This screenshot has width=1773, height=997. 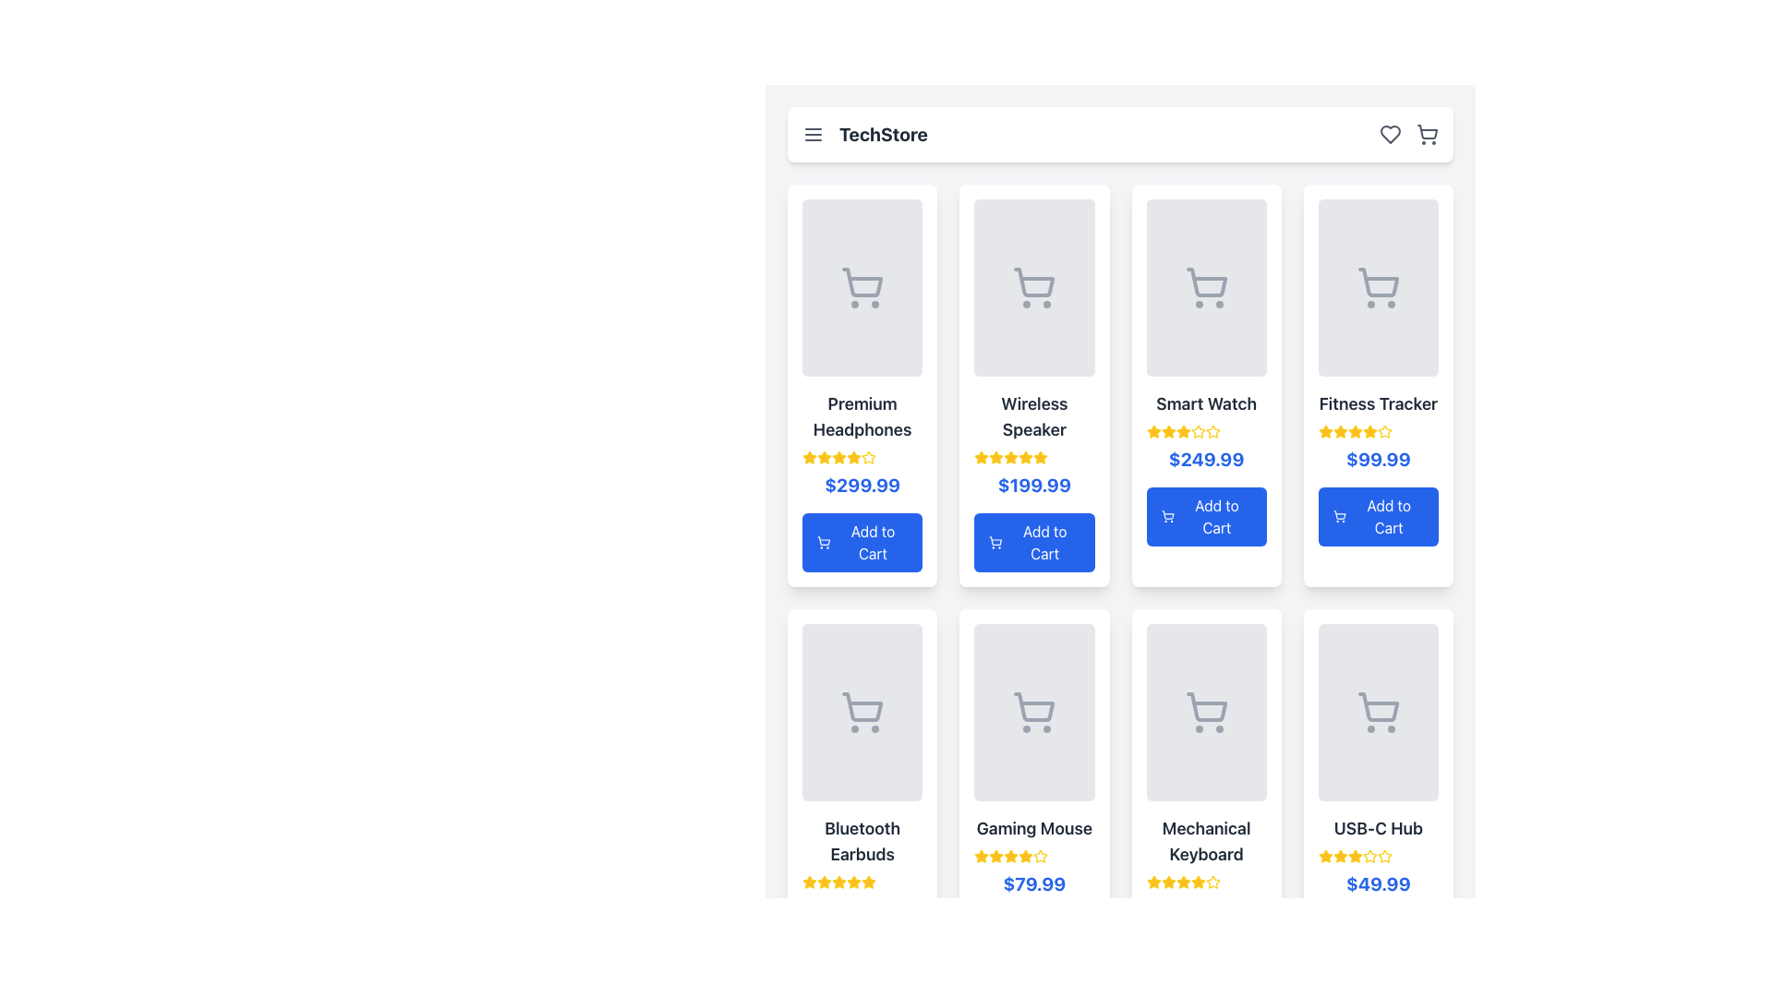 What do you see at coordinates (995, 856) in the screenshot?
I see `the third star icon in the rating system of the 'Gaming Mouse' product card to indicate a 3-star rating` at bounding box center [995, 856].